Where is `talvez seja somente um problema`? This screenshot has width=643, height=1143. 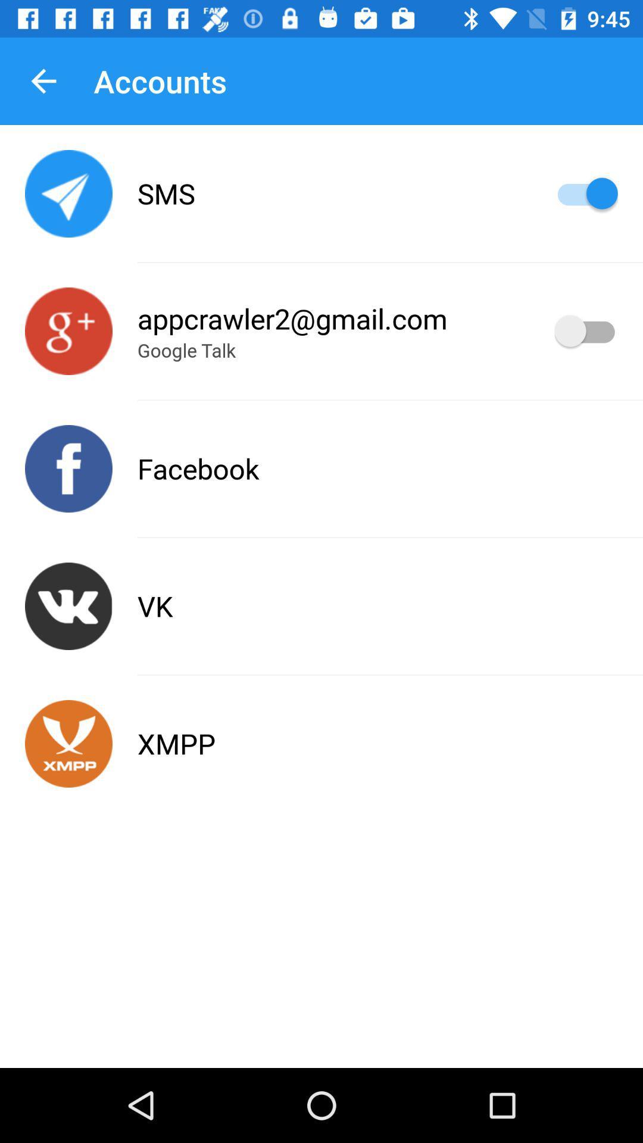
talvez seja somente um problema is located at coordinates (68, 606).